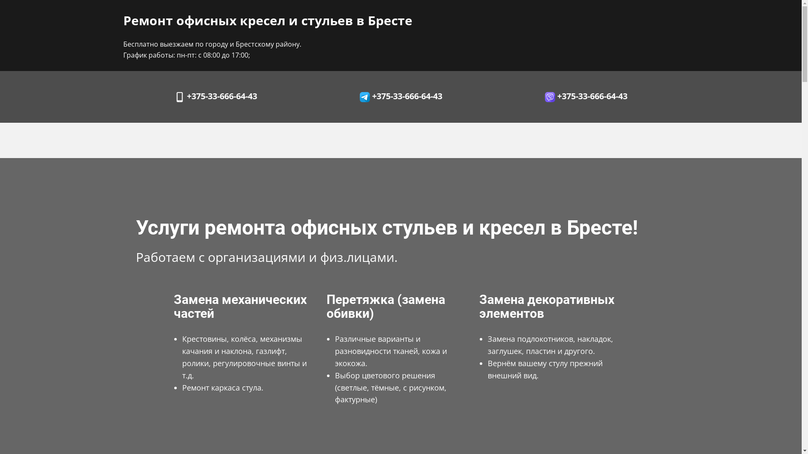  I want to click on ' +375-33-666-64-43', so click(215, 96).